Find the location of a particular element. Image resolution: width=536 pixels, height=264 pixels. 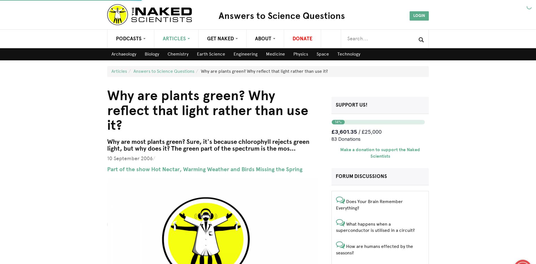

'Make a donation to support the Naked Scientists' is located at coordinates (380, 153).